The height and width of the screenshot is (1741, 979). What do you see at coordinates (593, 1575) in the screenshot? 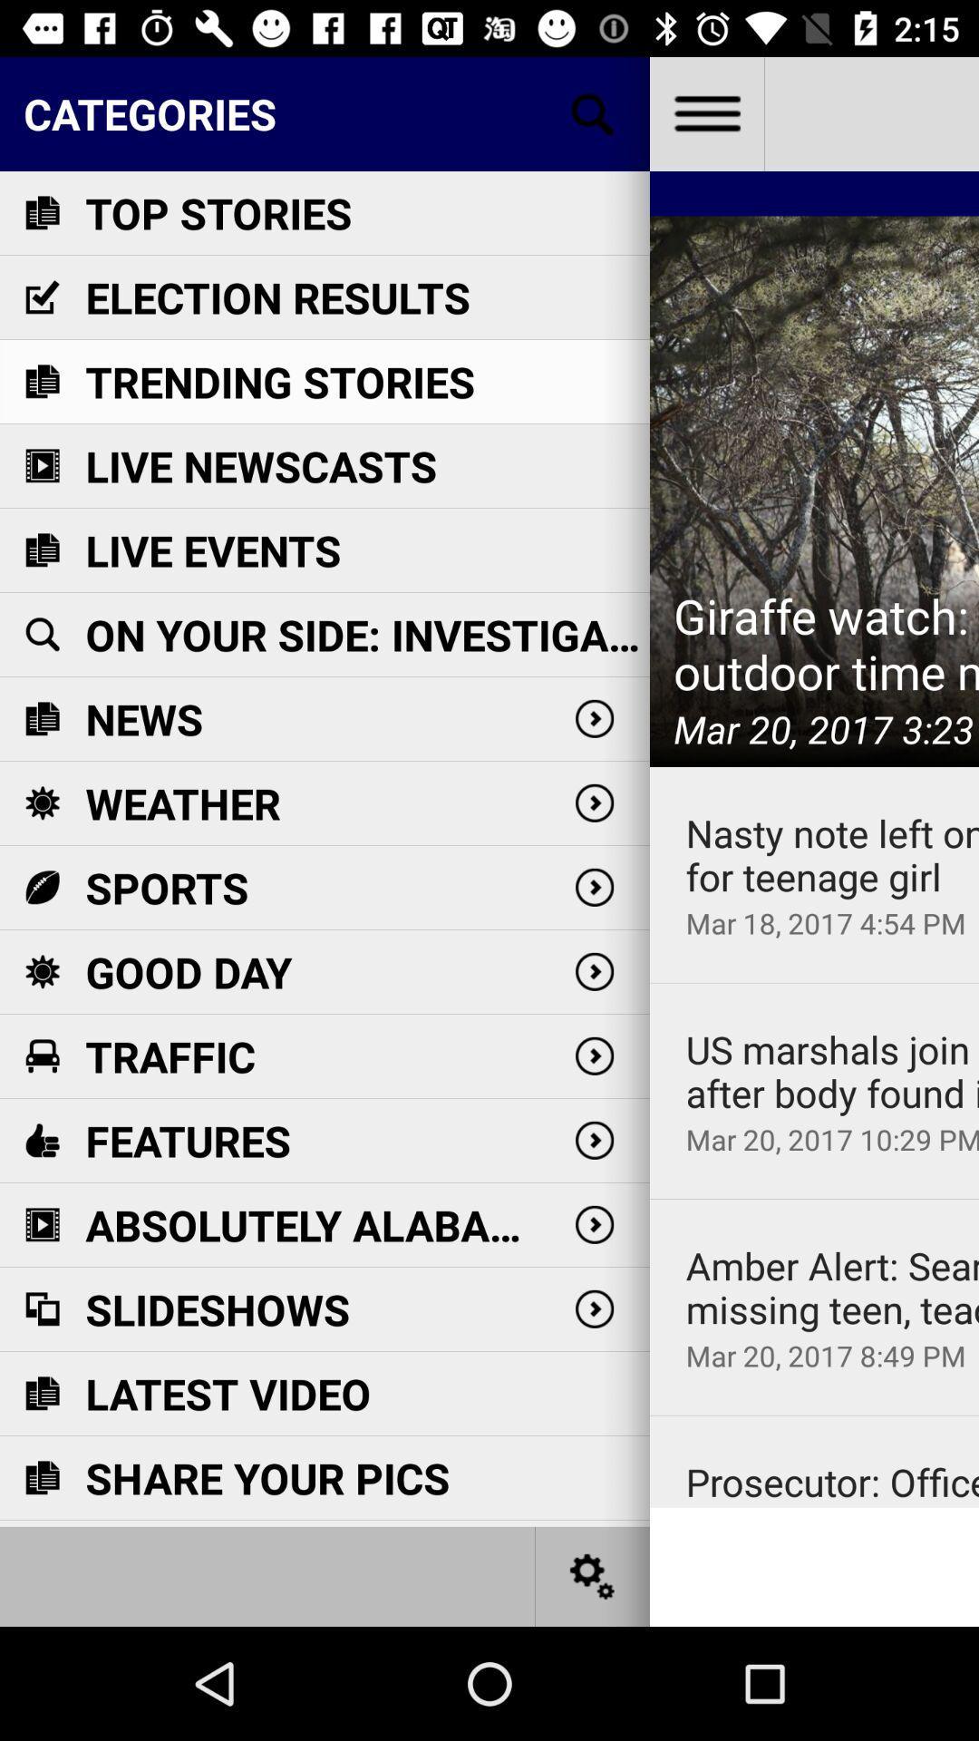
I see `setting` at bounding box center [593, 1575].